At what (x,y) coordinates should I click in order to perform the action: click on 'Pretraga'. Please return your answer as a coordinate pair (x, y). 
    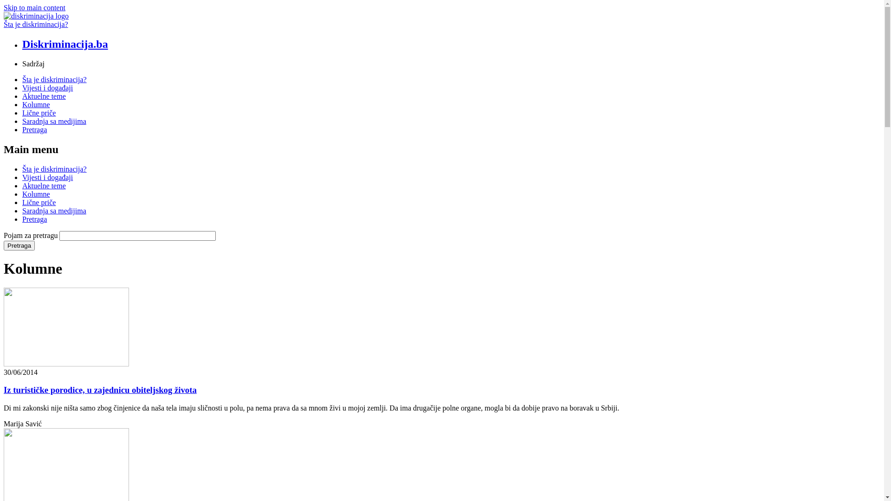
    Looking at the image, I should click on (19, 245).